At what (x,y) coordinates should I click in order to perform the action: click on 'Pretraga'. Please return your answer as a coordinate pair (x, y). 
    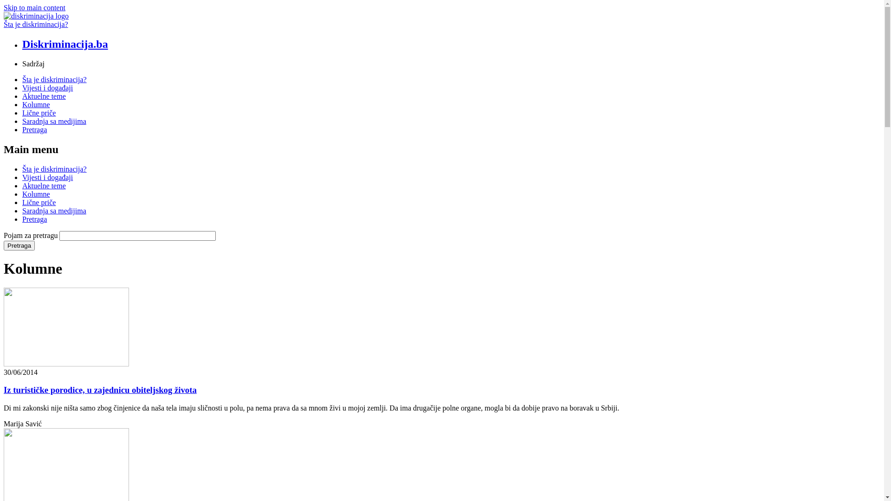
    Looking at the image, I should click on (19, 245).